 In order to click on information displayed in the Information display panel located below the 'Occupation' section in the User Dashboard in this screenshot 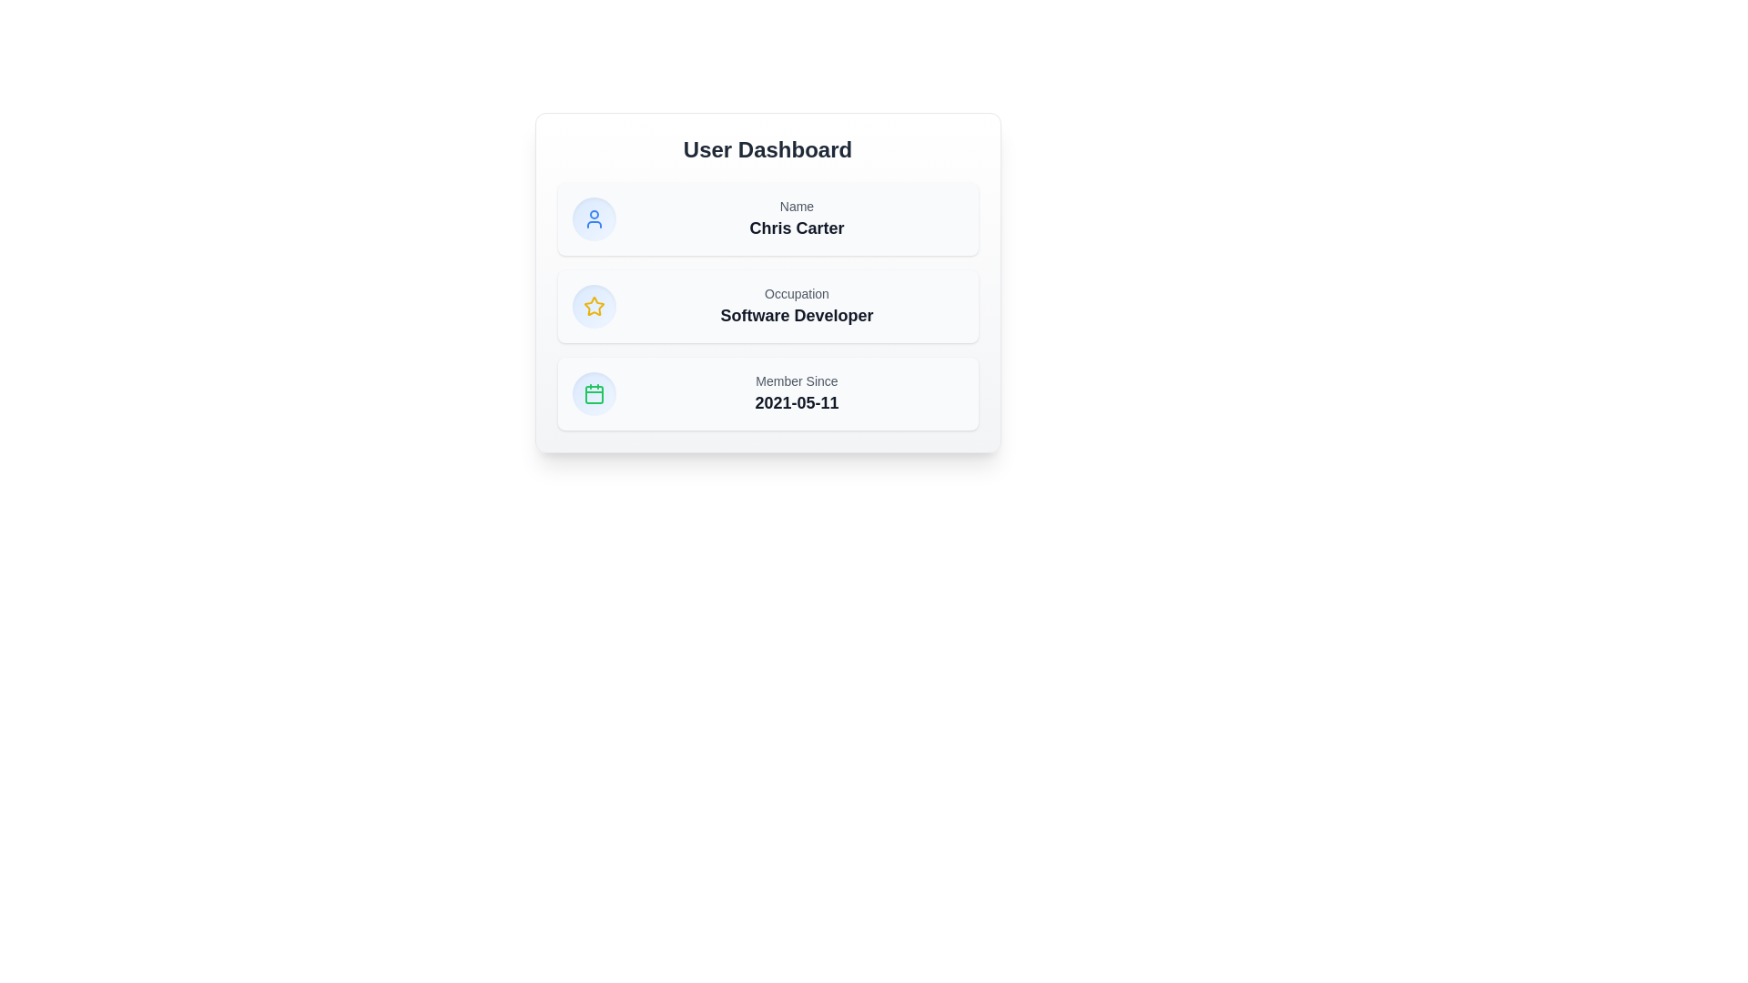, I will do `click(767, 392)`.